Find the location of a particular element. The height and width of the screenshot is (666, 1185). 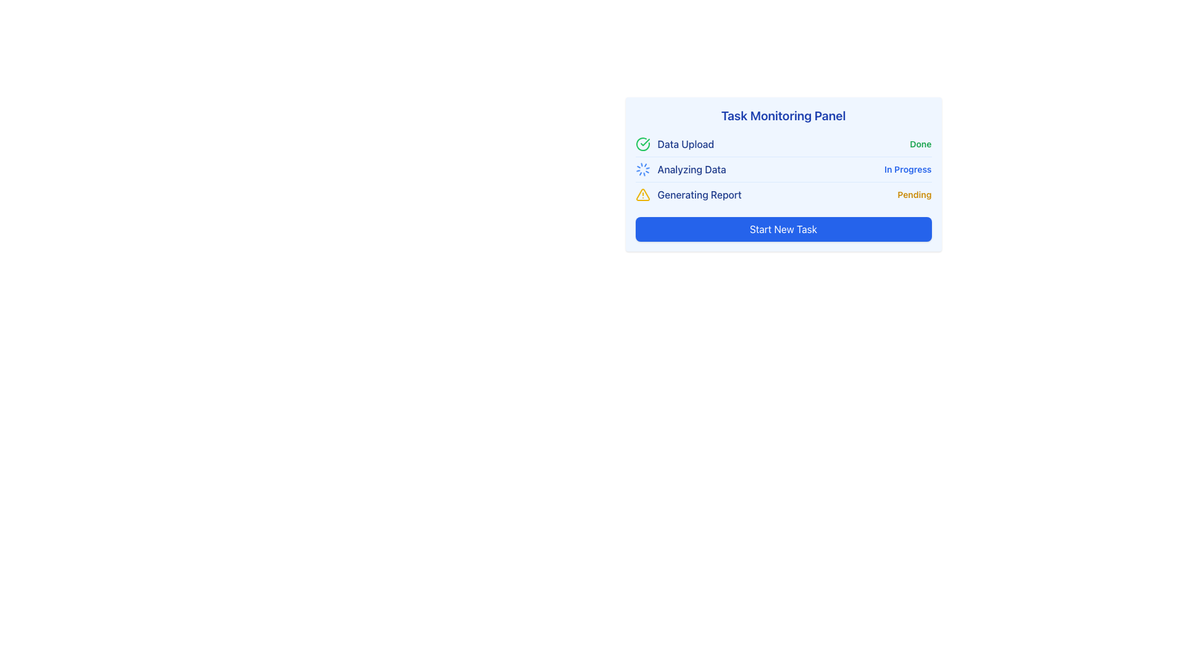

the Text Label displaying the status 'Generating Report' in the Task Monitoring Panel to indicate that the task is pending is located at coordinates (915, 194).